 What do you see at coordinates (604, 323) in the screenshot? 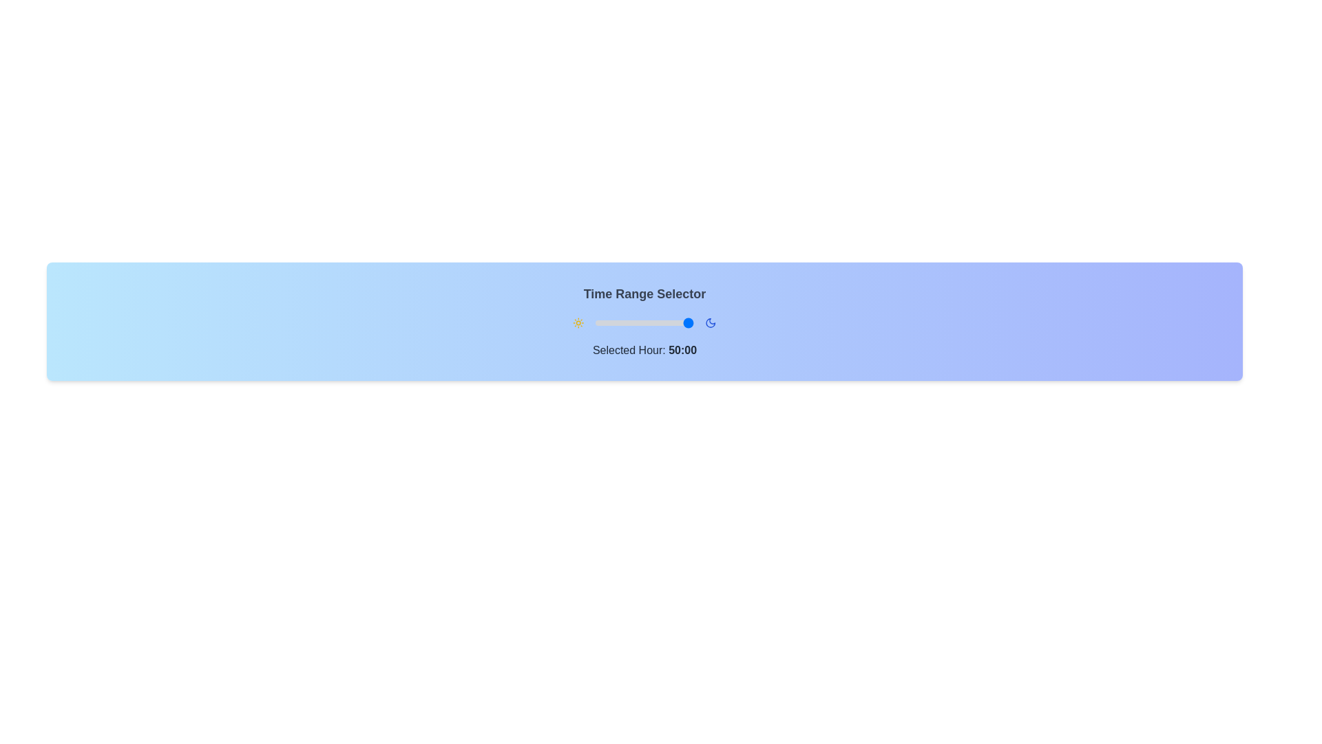
I see `the time range slider to set the time to 3` at bounding box center [604, 323].